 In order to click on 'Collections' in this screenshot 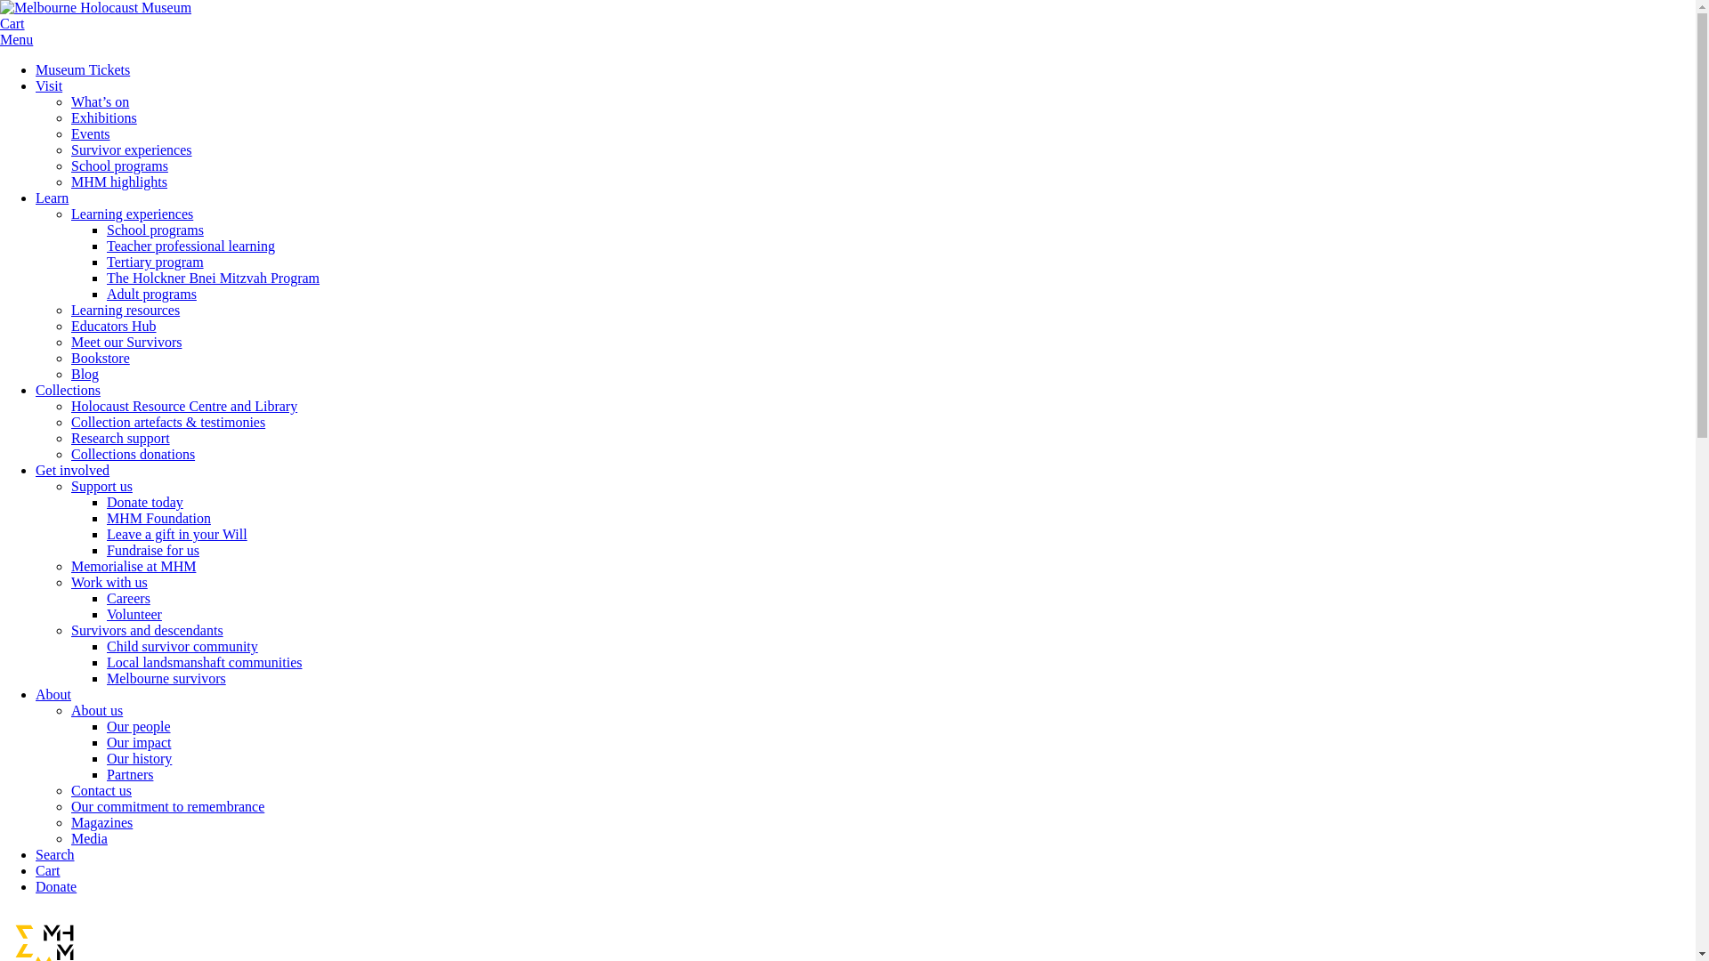, I will do `click(35, 389)`.